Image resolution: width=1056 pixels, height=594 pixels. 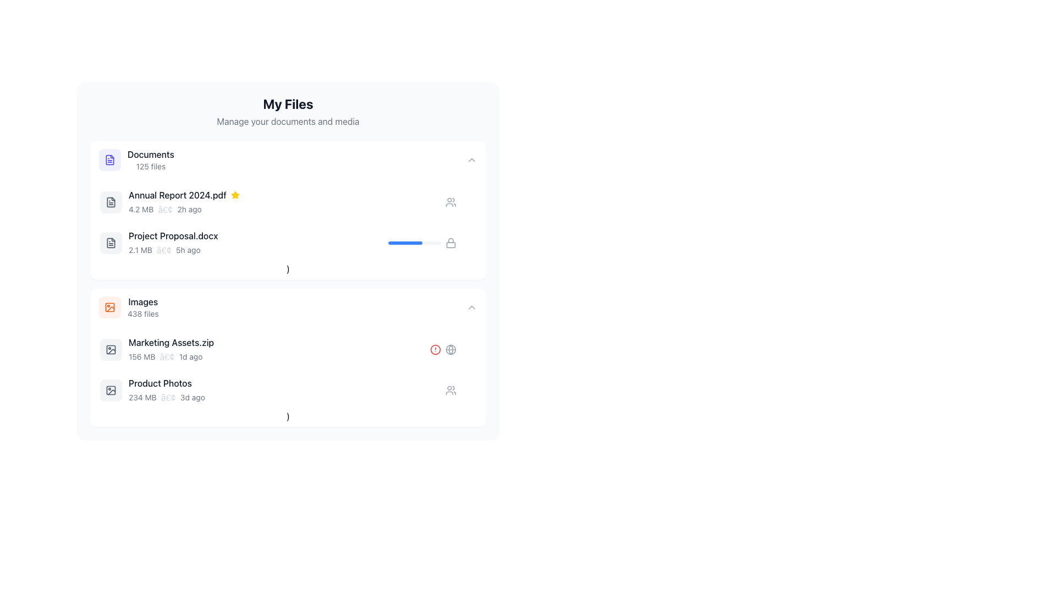 I want to click on star-shaped yellow icon located to the right of the text 'Annual Report 2024.pdf', so click(x=234, y=194).